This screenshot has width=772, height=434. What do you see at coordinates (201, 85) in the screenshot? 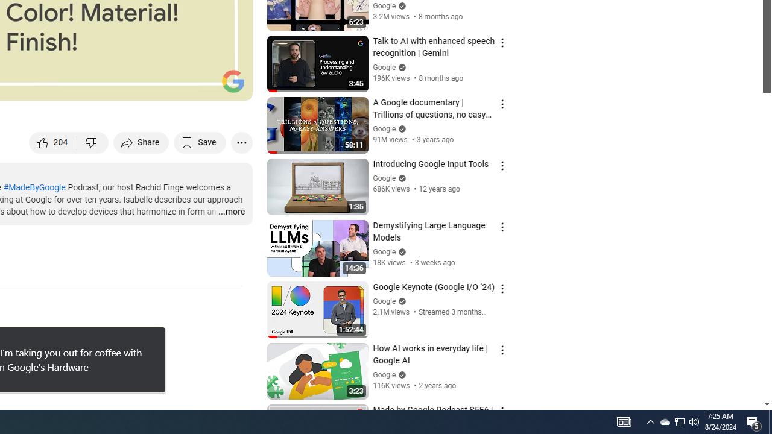
I see `'Theater mode (t)'` at bounding box center [201, 85].